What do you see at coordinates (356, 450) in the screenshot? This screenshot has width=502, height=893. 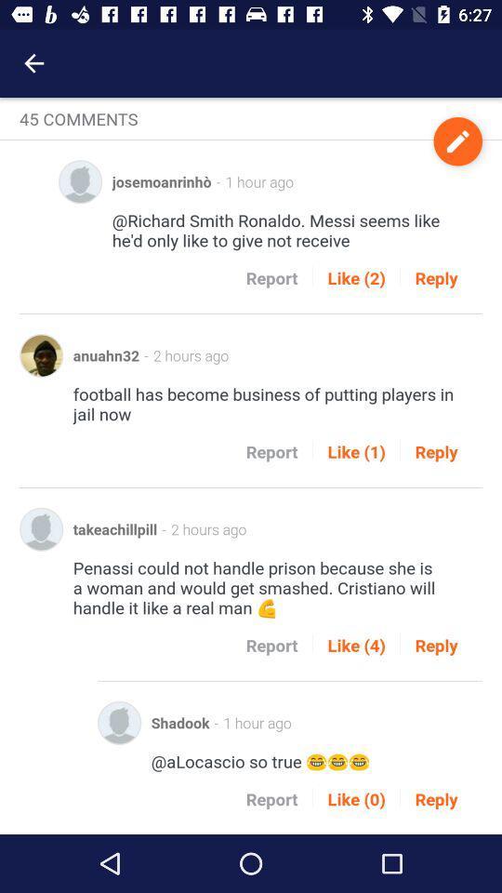 I see `item below the football has become item` at bounding box center [356, 450].